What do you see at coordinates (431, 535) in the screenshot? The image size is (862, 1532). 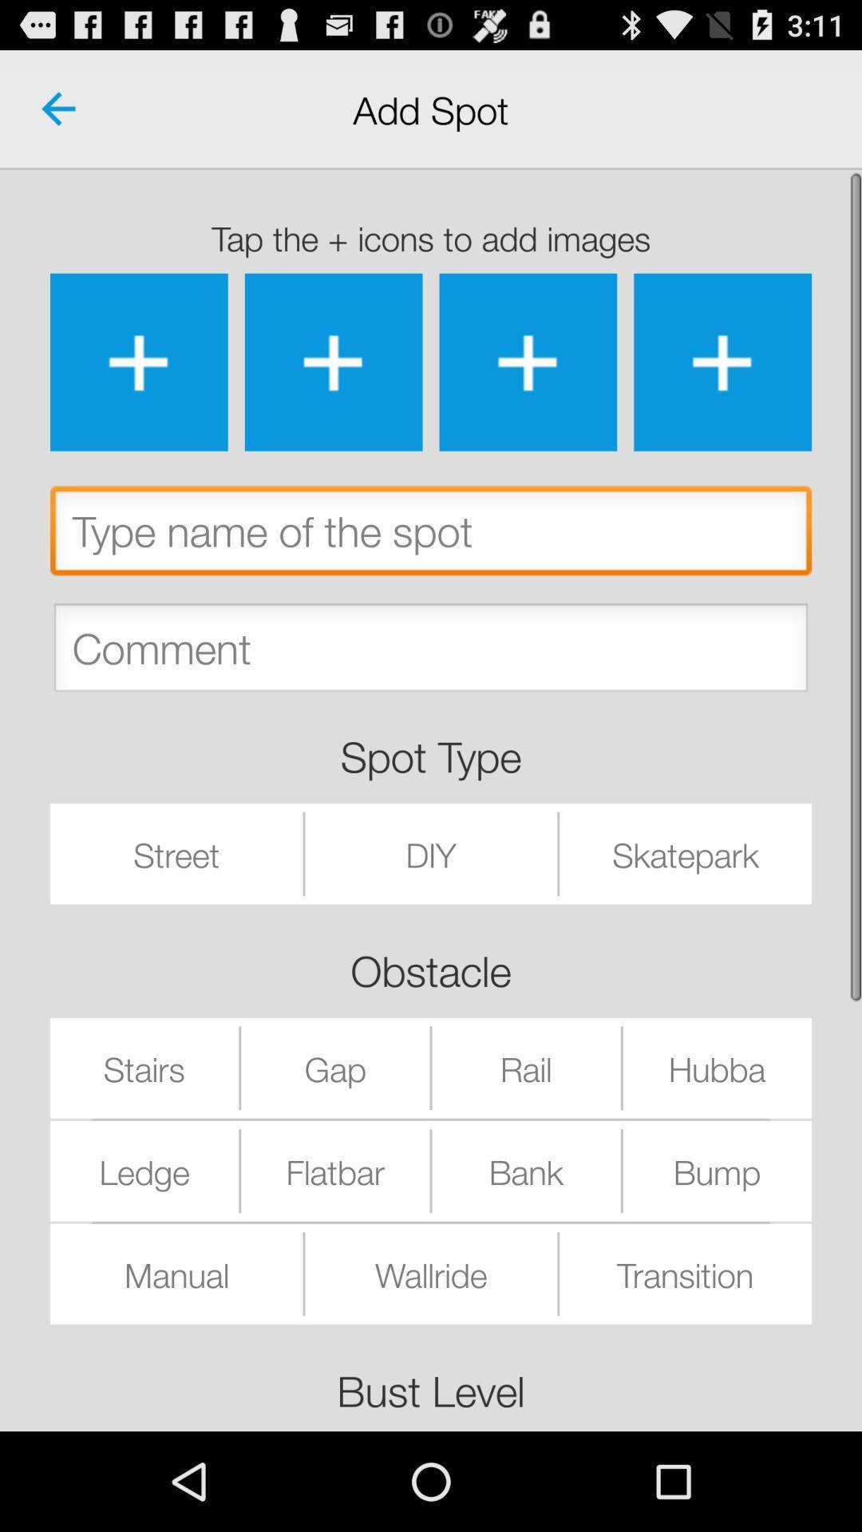 I see `type name` at bounding box center [431, 535].